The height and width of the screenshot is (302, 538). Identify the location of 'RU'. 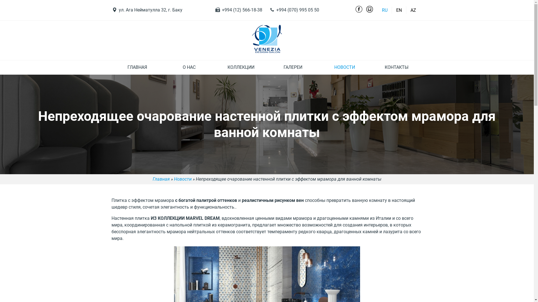
(379, 10).